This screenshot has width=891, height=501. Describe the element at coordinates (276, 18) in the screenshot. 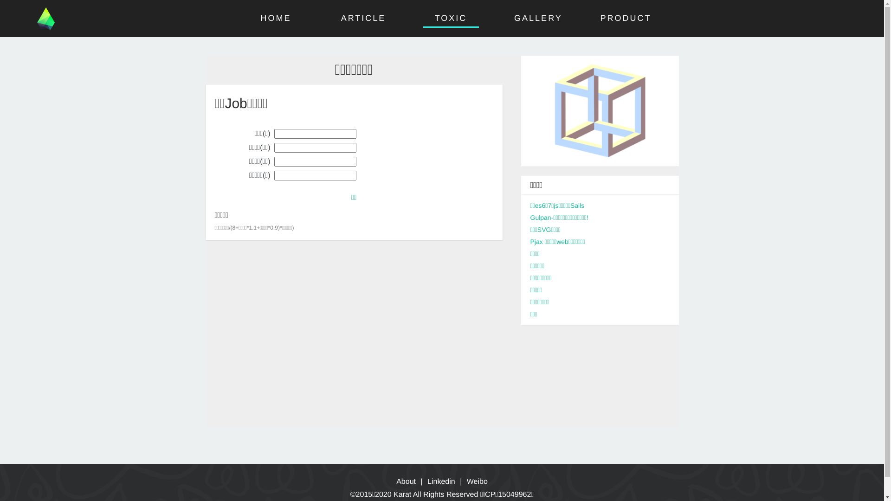

I see `'HOME'` at that location.